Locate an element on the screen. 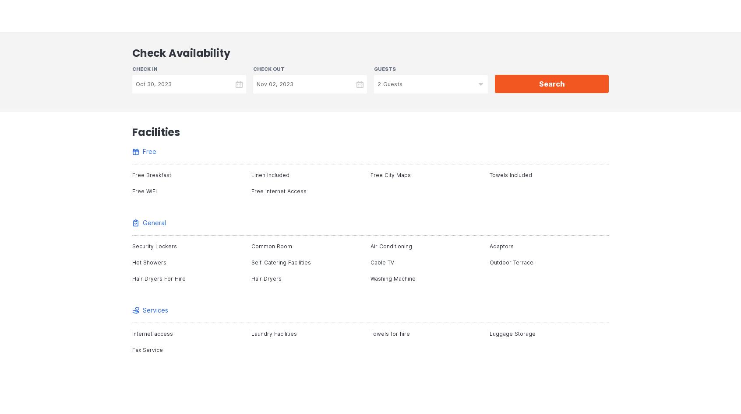  'Free Internet Access' is located at coordinates (279, 191).